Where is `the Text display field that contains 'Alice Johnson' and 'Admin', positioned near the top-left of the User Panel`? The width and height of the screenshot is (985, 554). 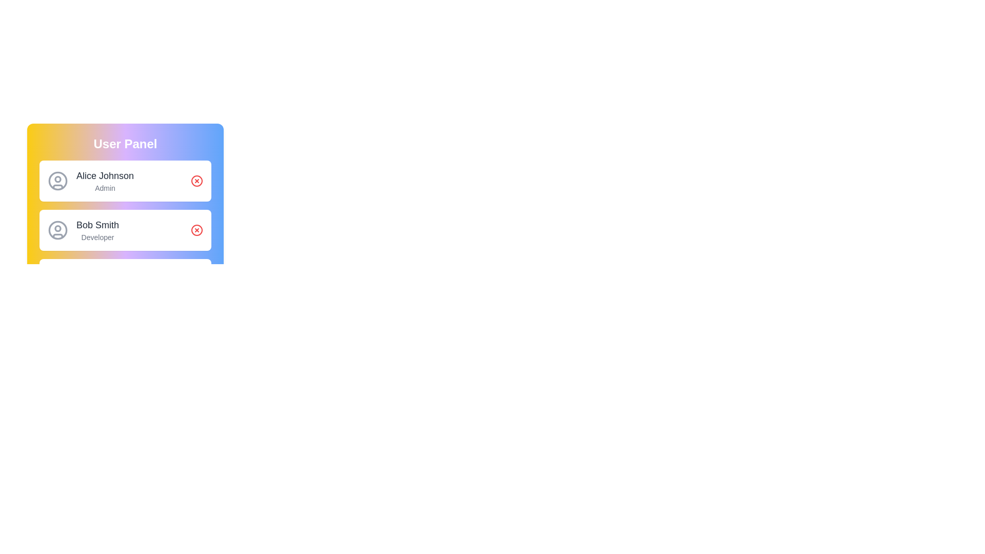
the Text display field that contains 'Alice Johnson' and 'Admin', positioned near the top-left of the User Panel is located at coordinates (105, 181).